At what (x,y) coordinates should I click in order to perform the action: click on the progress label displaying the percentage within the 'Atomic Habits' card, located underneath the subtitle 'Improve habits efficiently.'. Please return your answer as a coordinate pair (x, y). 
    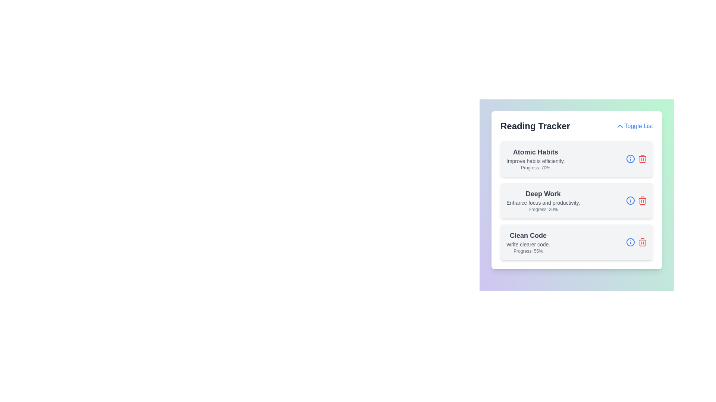
    Looking at the image, I should click on (535, 168).